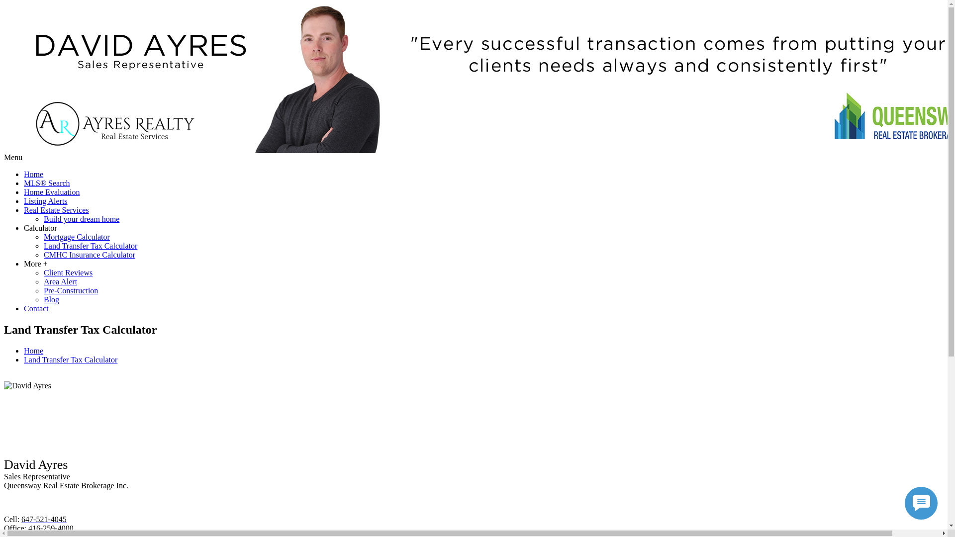 The width and height of the screenshot is (955, 537). Describe the element at coordinates (43, 290) in the screenshot. I see `'Pre-Construction'` at that location.